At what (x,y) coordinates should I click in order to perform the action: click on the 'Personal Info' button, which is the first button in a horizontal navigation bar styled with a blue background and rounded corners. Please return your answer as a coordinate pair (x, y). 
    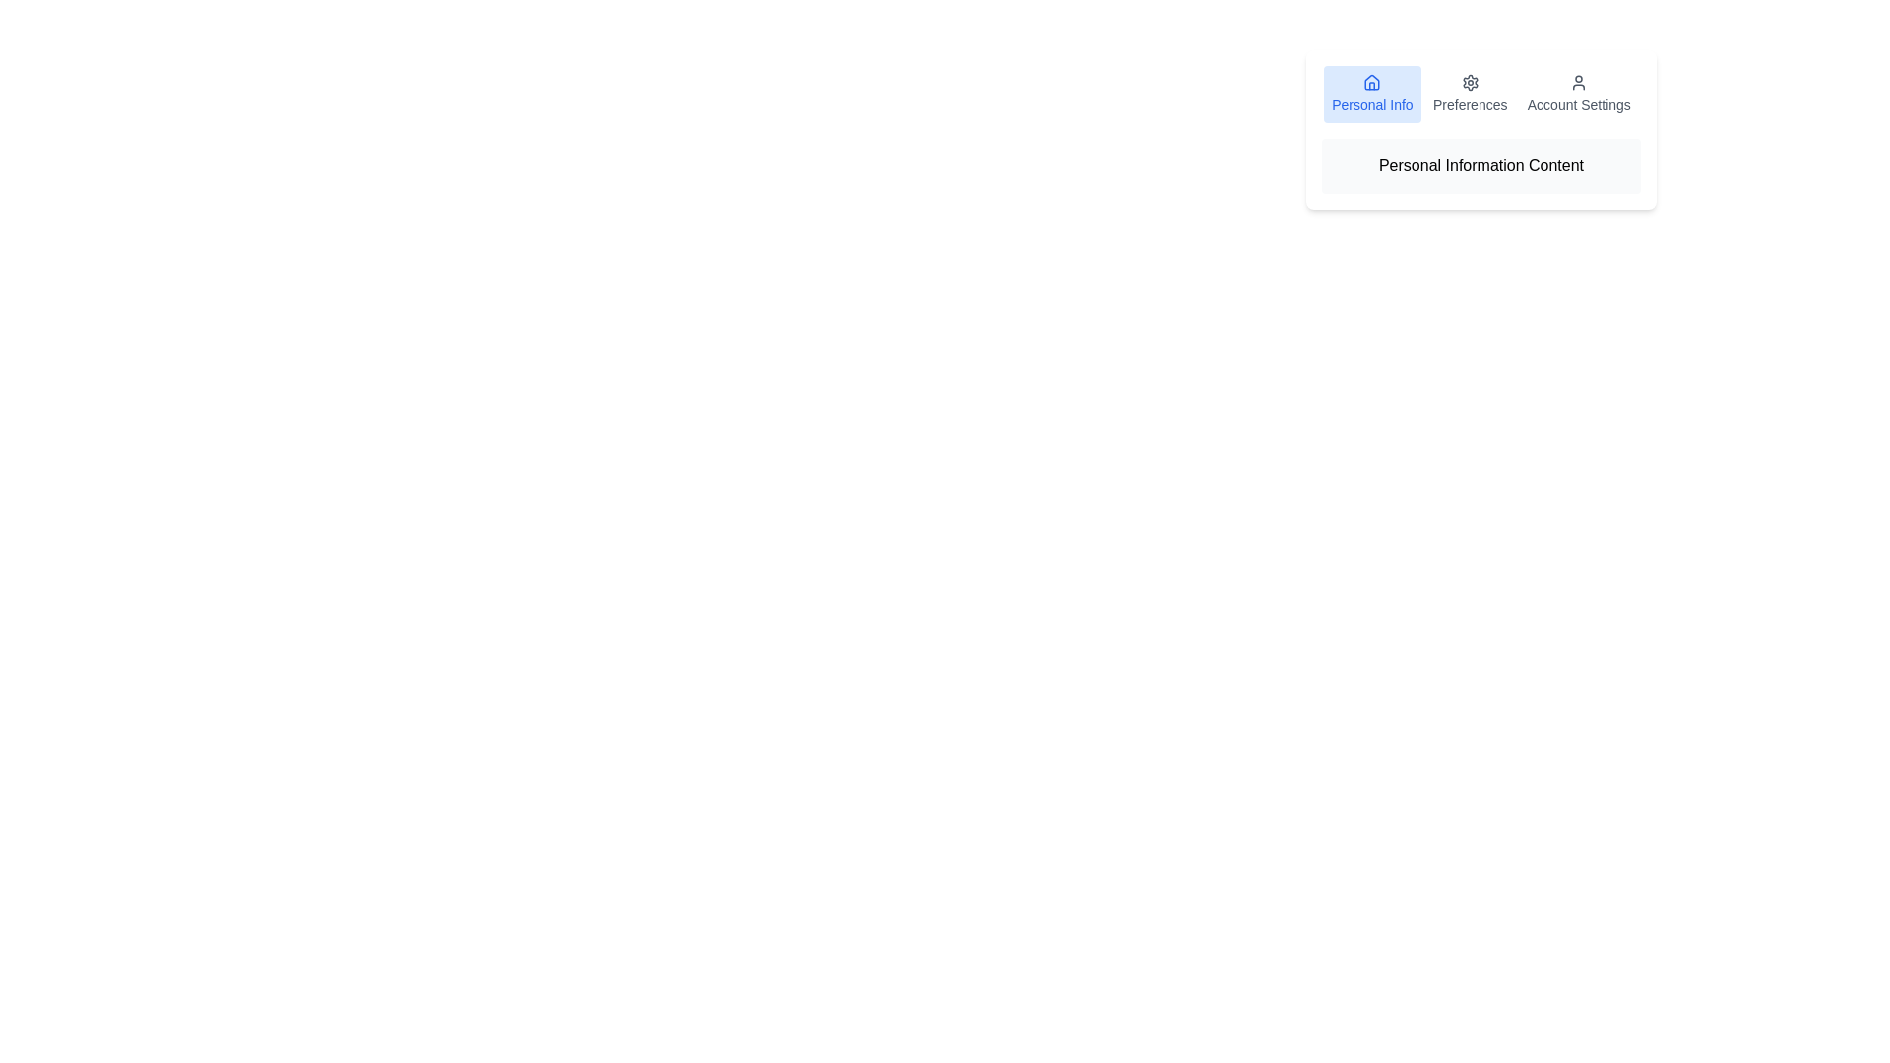
    Looking at the image, I should click on (1371, 94).